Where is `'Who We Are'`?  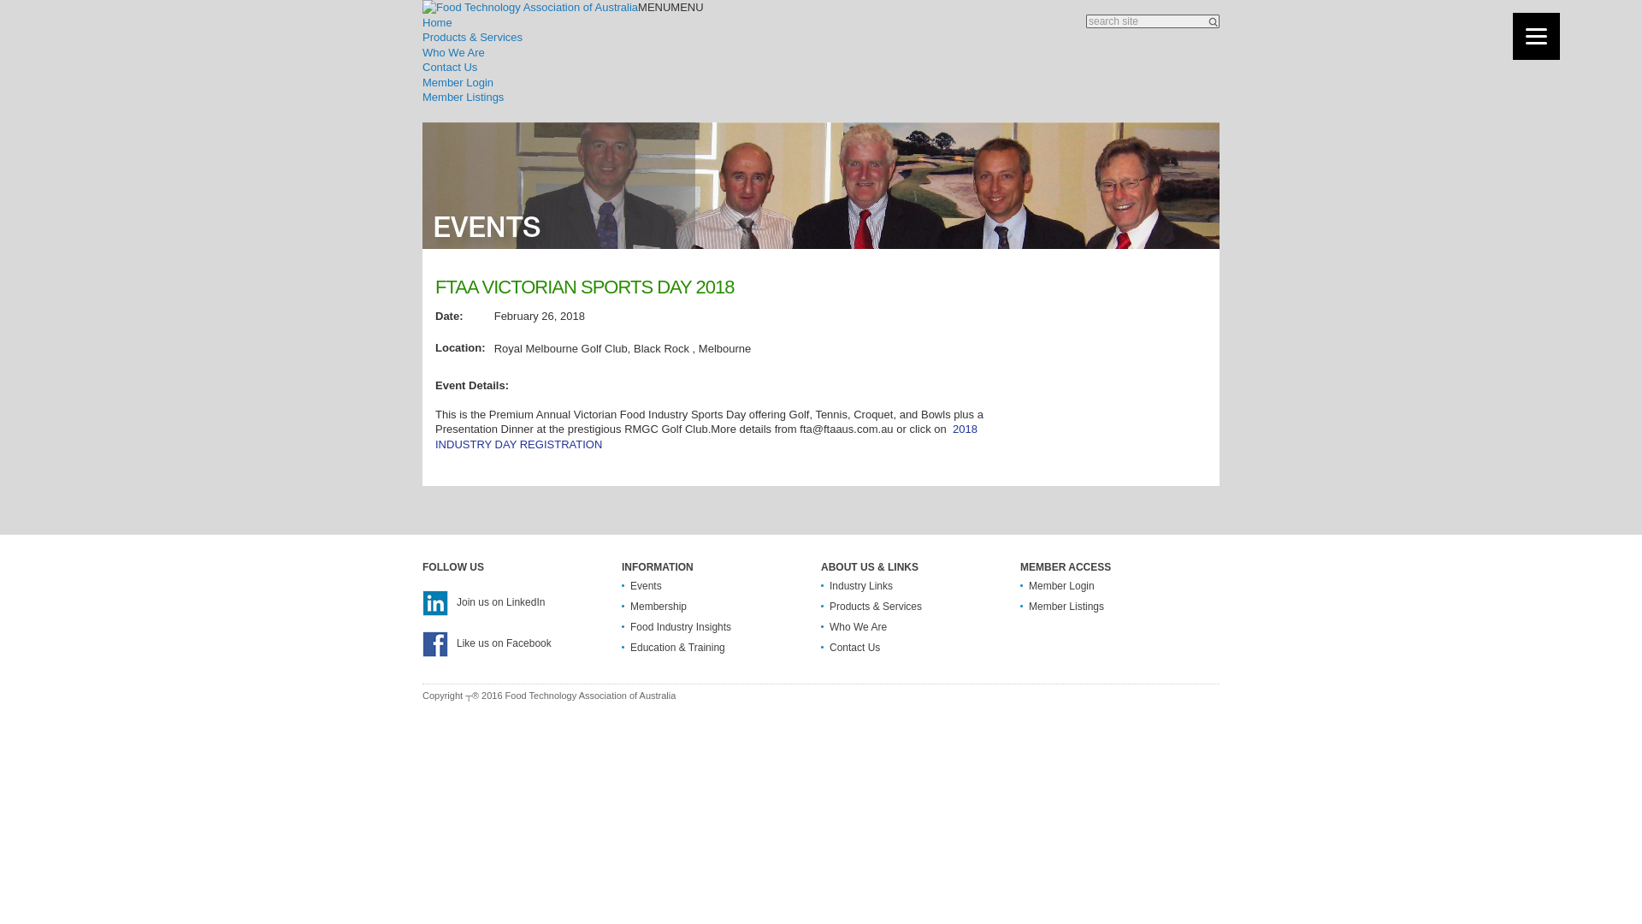 'Who We Are' is located at coordinates (453, 51).